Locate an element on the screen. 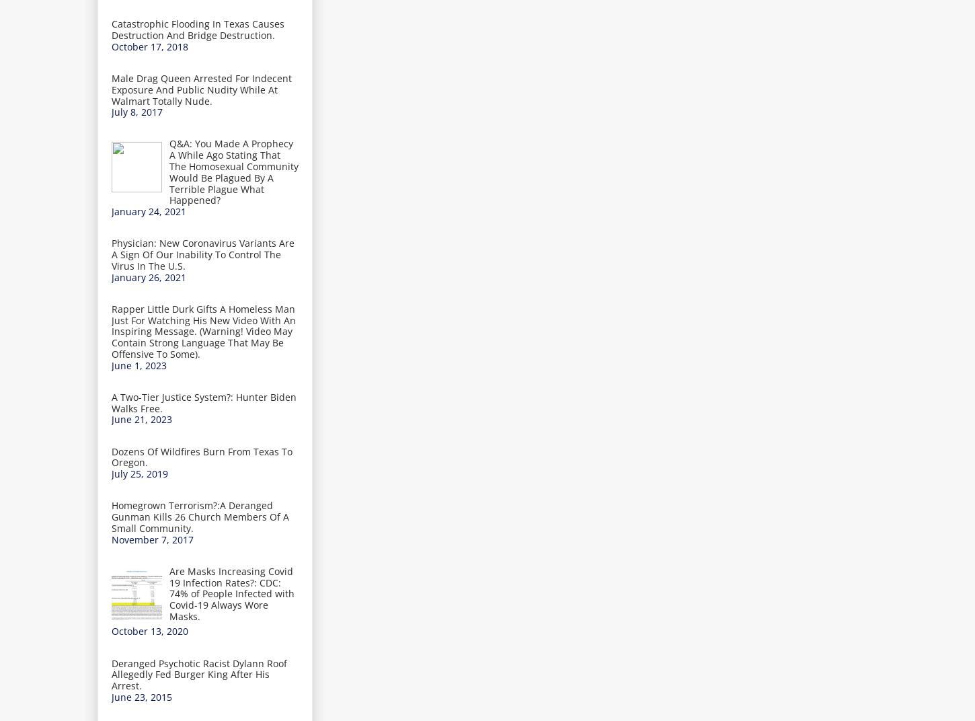 The height and width of the screenshot is (721, 975). 'A Two-Tier Justice System?: Hunter Biden Walks Free.' is located at coordinates (204, 401).